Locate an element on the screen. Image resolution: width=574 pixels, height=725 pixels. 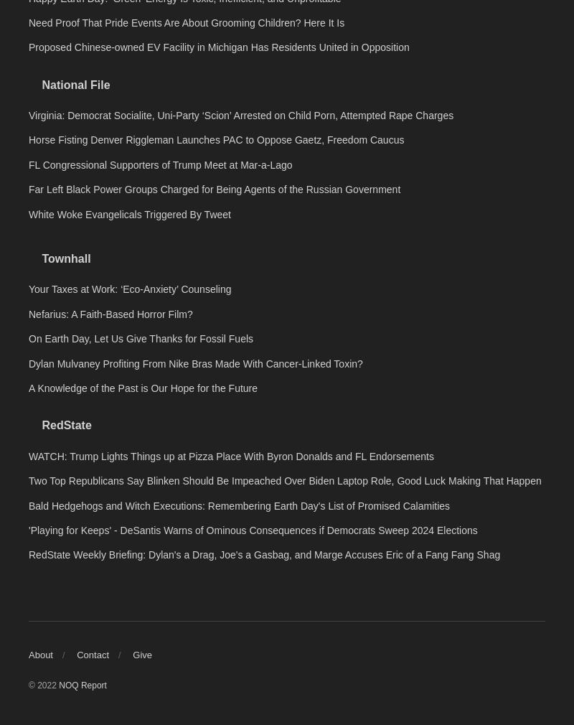
'Two Top Republicans Say Blinken Should Be Impeached Over Biden Laptop Role, Good Luck Making That Happen' is located at coordinates (28, 682).